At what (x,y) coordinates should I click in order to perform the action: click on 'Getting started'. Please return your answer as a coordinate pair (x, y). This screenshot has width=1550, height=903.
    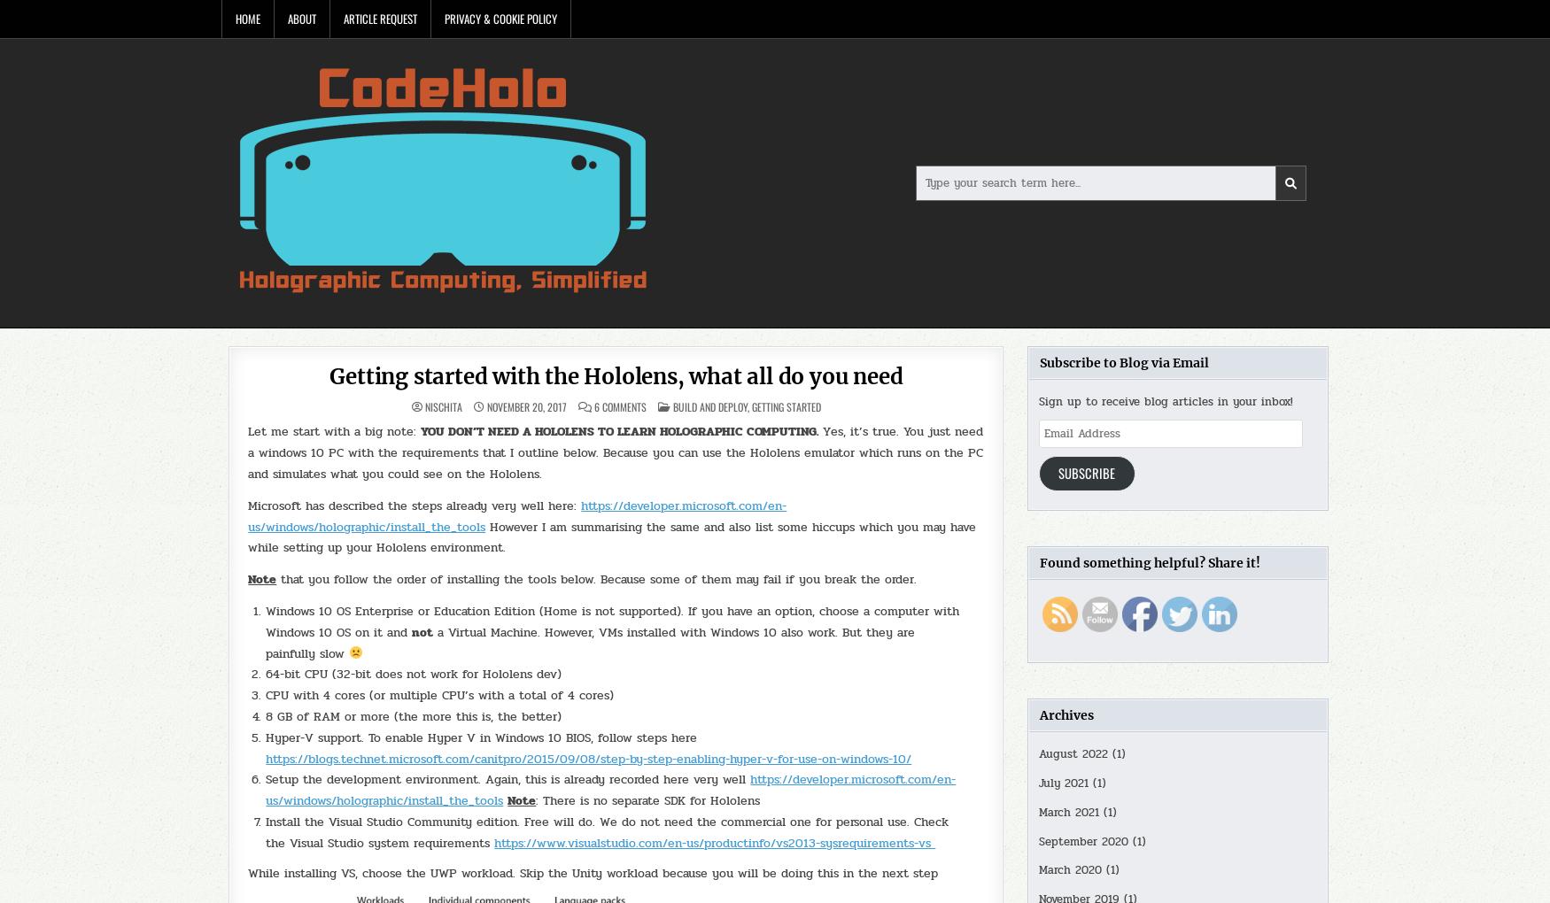
    Looking at the image, I should click on (751, 405).